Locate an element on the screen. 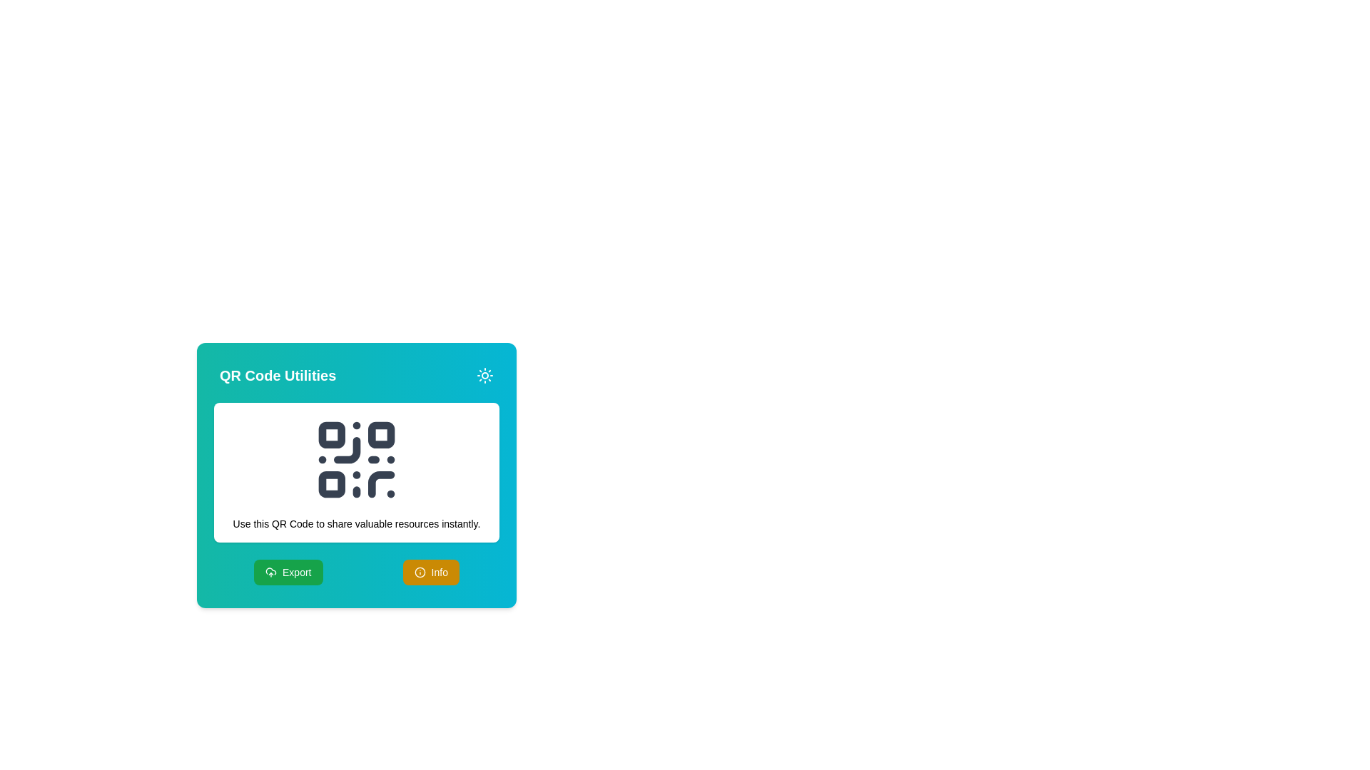 The width and height of the screenshot is (1370, 770). the buttons in the Interactive button group located at the bottom of the 'QR Code Utilities' widget is located at coordinates (356, 571).